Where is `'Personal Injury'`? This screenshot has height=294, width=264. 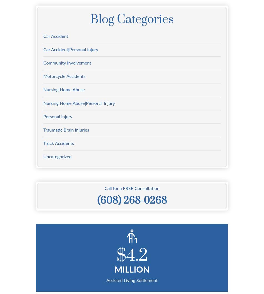 'Personal Injury' is located at coordinates (58, 116).